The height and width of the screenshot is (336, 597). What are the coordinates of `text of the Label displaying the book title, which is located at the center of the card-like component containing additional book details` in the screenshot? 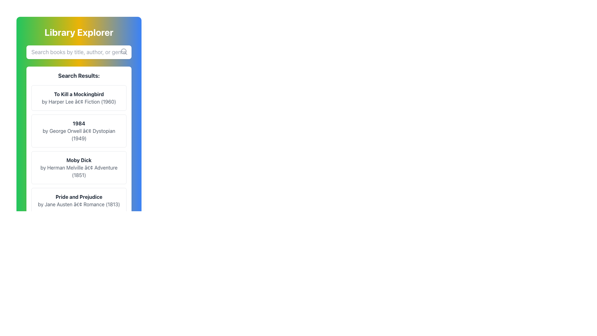 It's located at (79, 124).